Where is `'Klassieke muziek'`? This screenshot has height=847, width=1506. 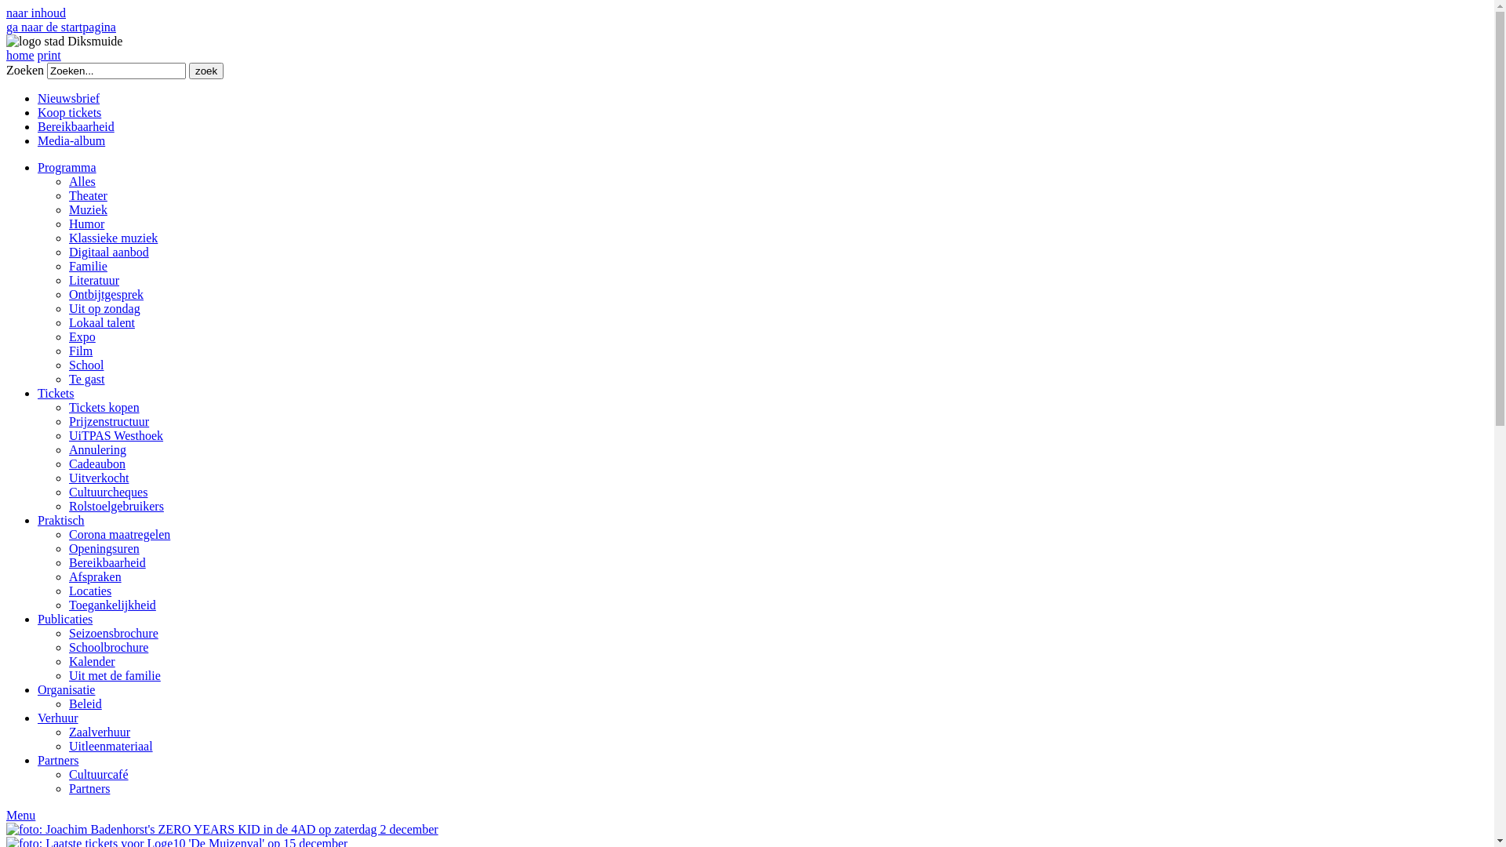 'Klassieke muziek' is located at coordinates (112, 238).